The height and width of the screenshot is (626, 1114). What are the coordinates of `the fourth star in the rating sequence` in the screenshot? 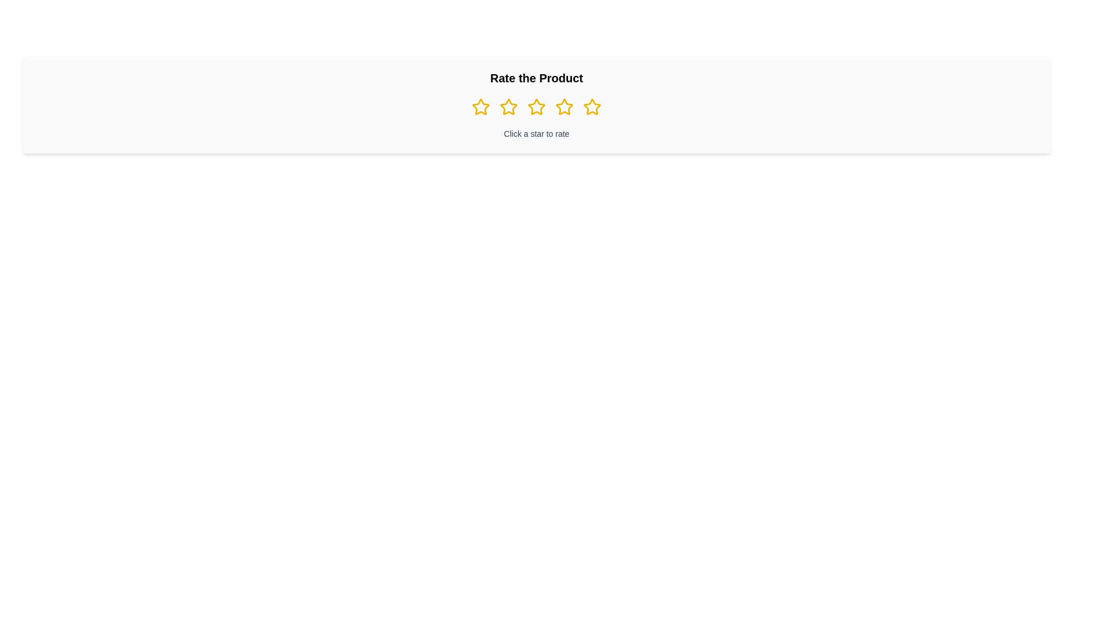 It's located at (565, 107).